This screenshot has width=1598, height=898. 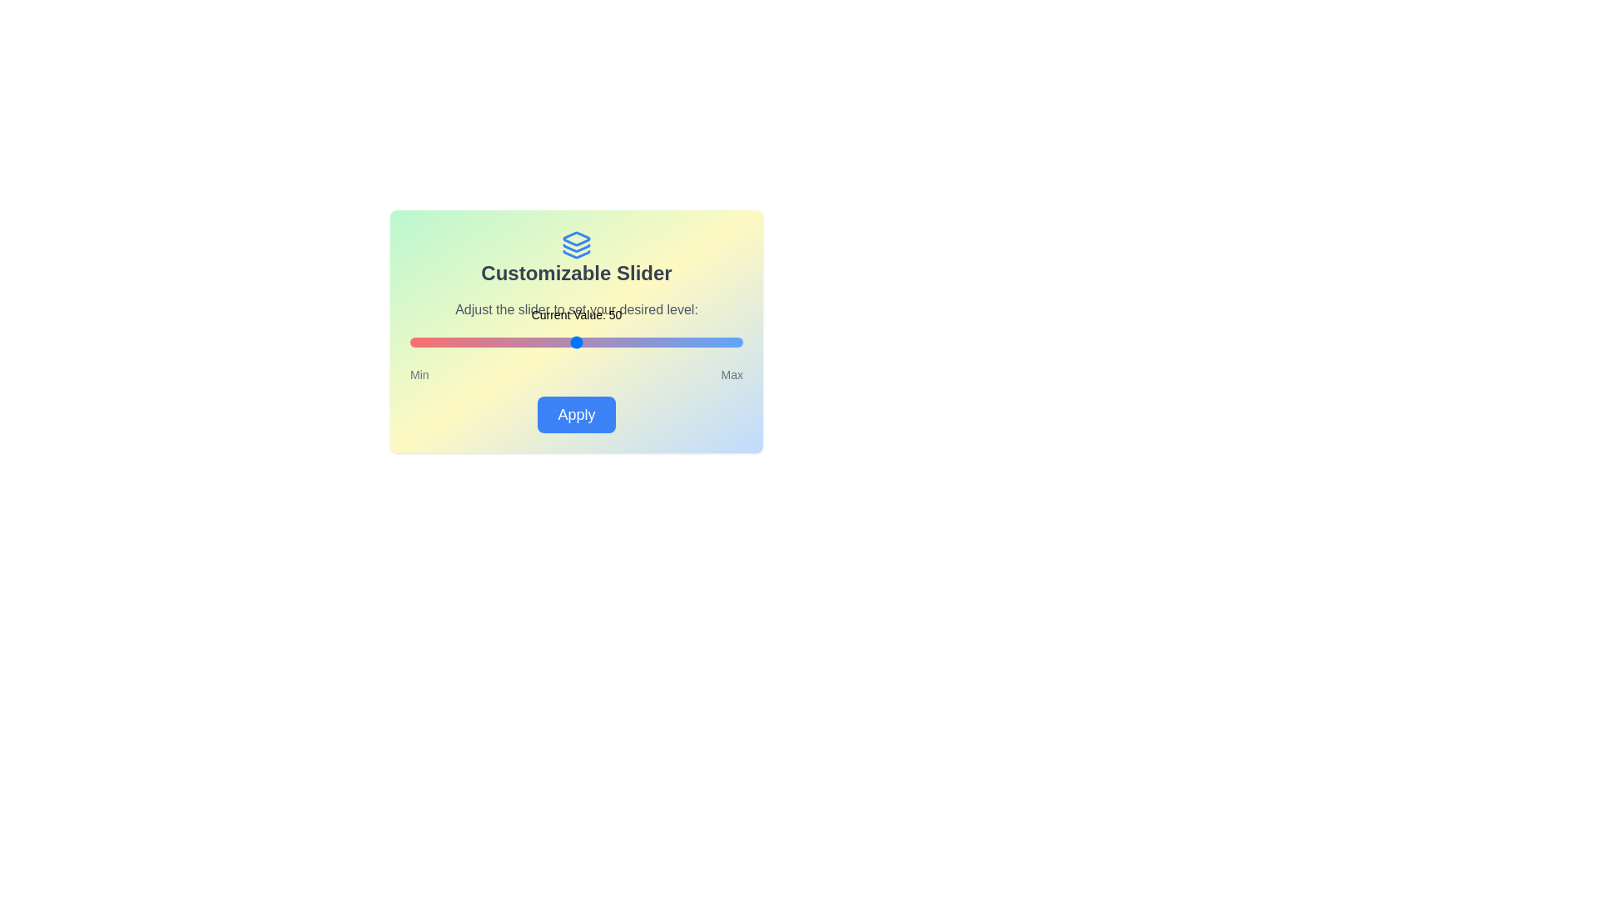 I want to click on the slider to set its value to 0, so click(x=410, y=342).